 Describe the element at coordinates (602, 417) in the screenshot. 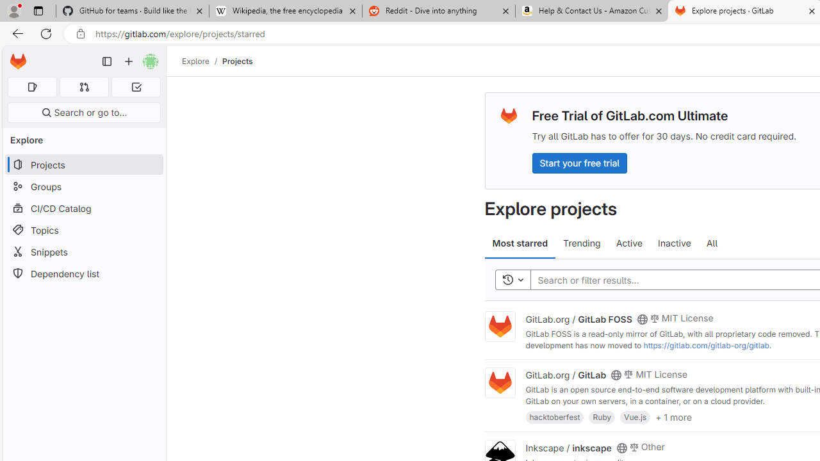

I see `'Ruby'` at that location.